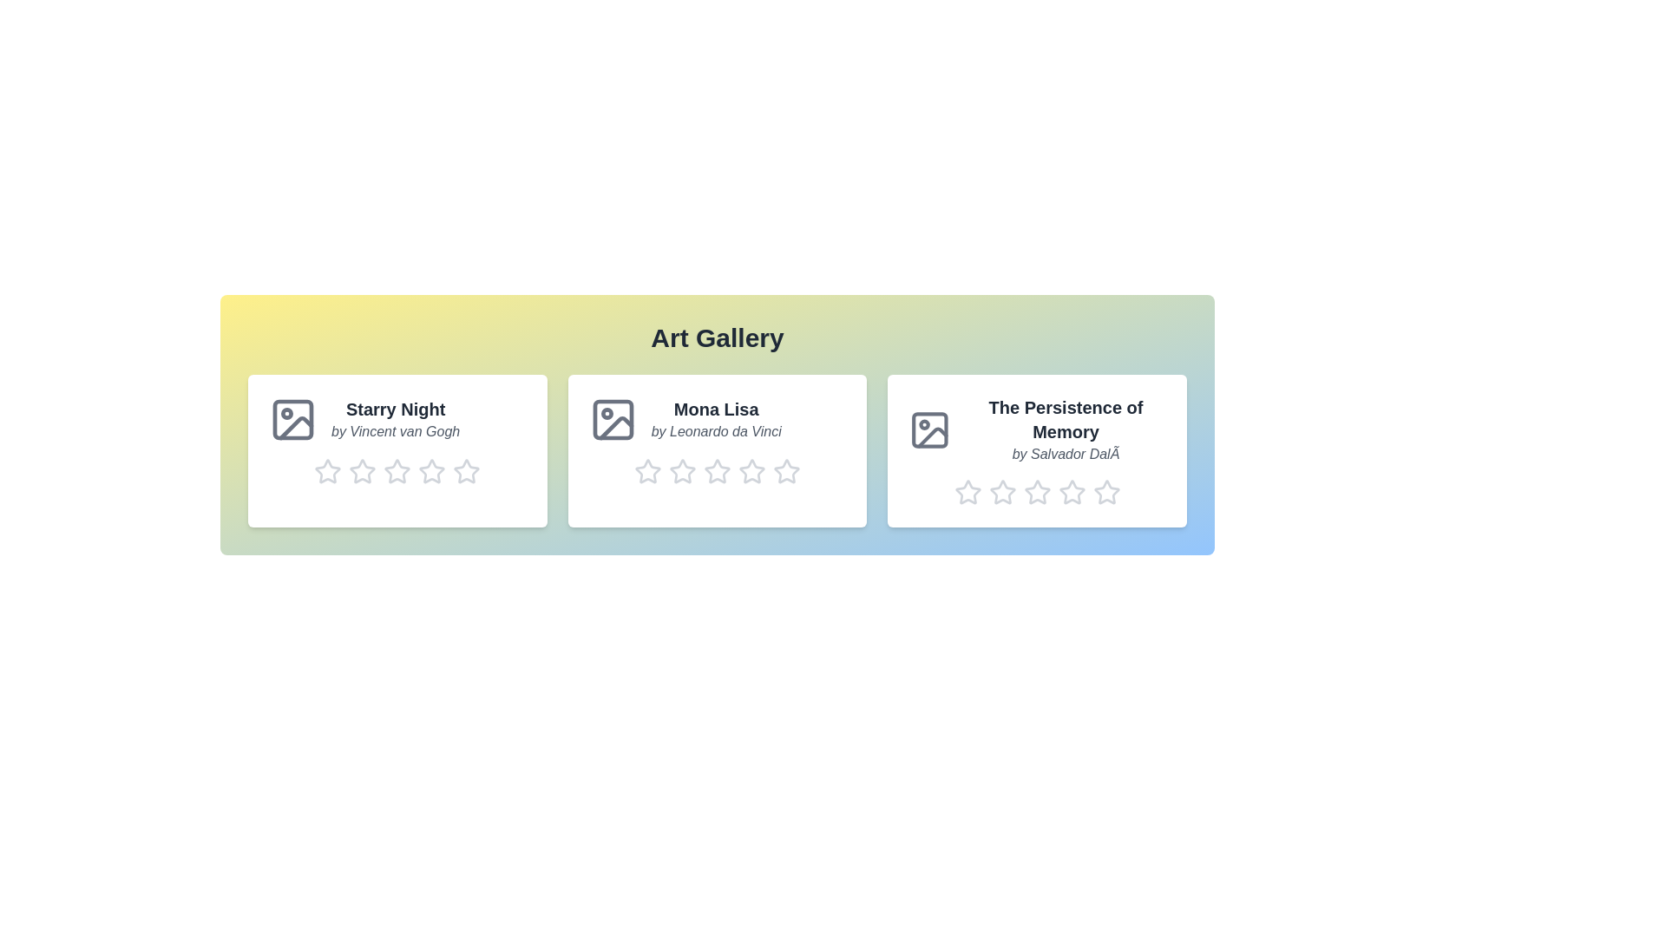  Describe the element at coordinates (681, 471) in the screenshot. I see `the rating for the artwork 'Mona Lisa' to 2 stars` at that location.